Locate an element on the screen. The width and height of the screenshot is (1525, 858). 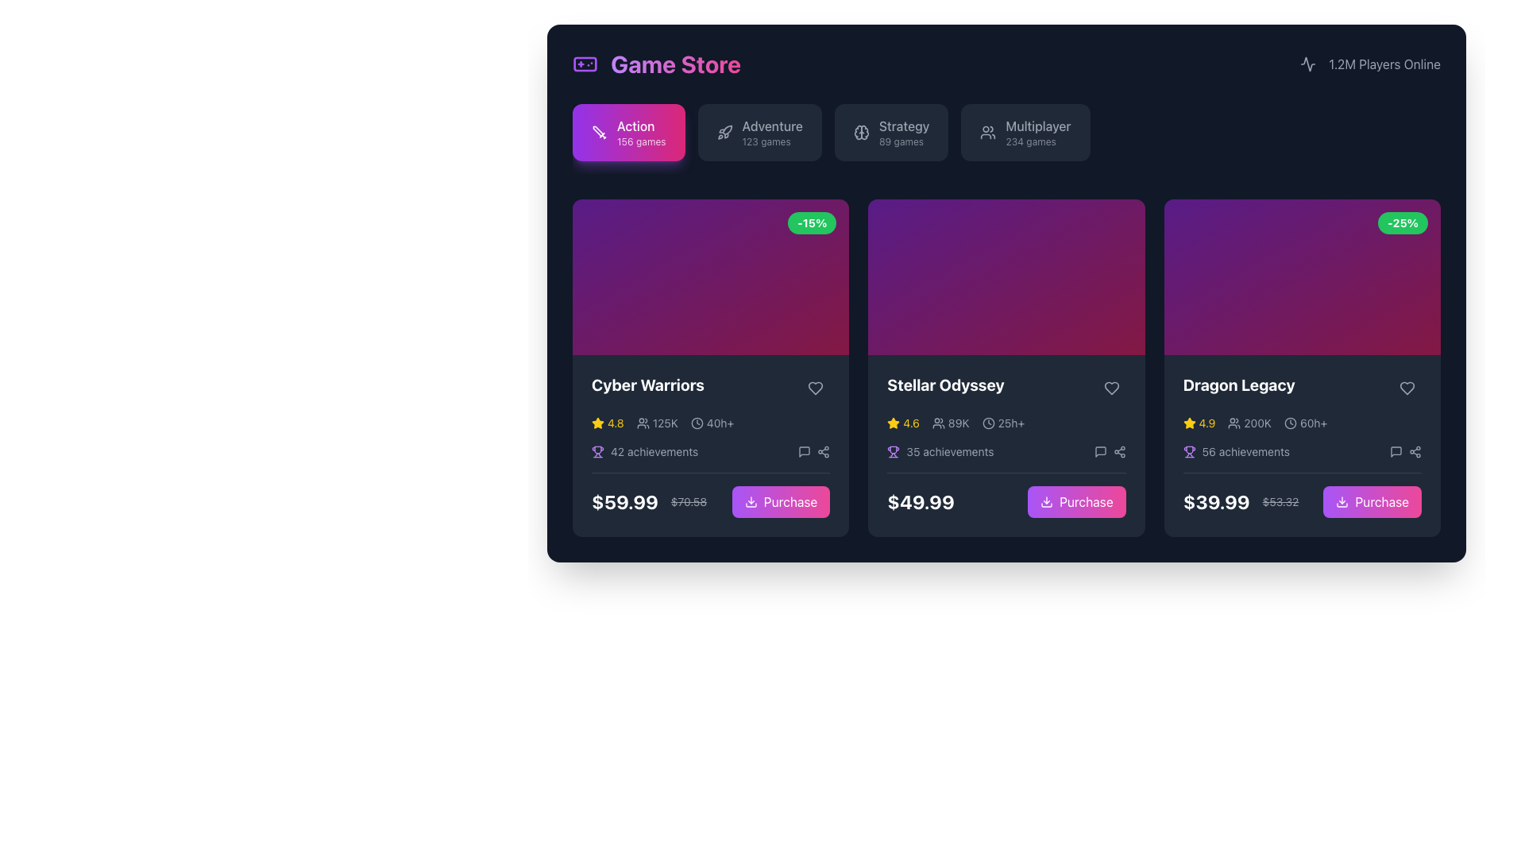
estimated time duration of '40 hours or more' from the label with icon located in the lower section of the 'Cyber Warriors' card, positioned to the right of the '125K' label and directly above the '42 achievements' text is located at coordinates (712, 422).